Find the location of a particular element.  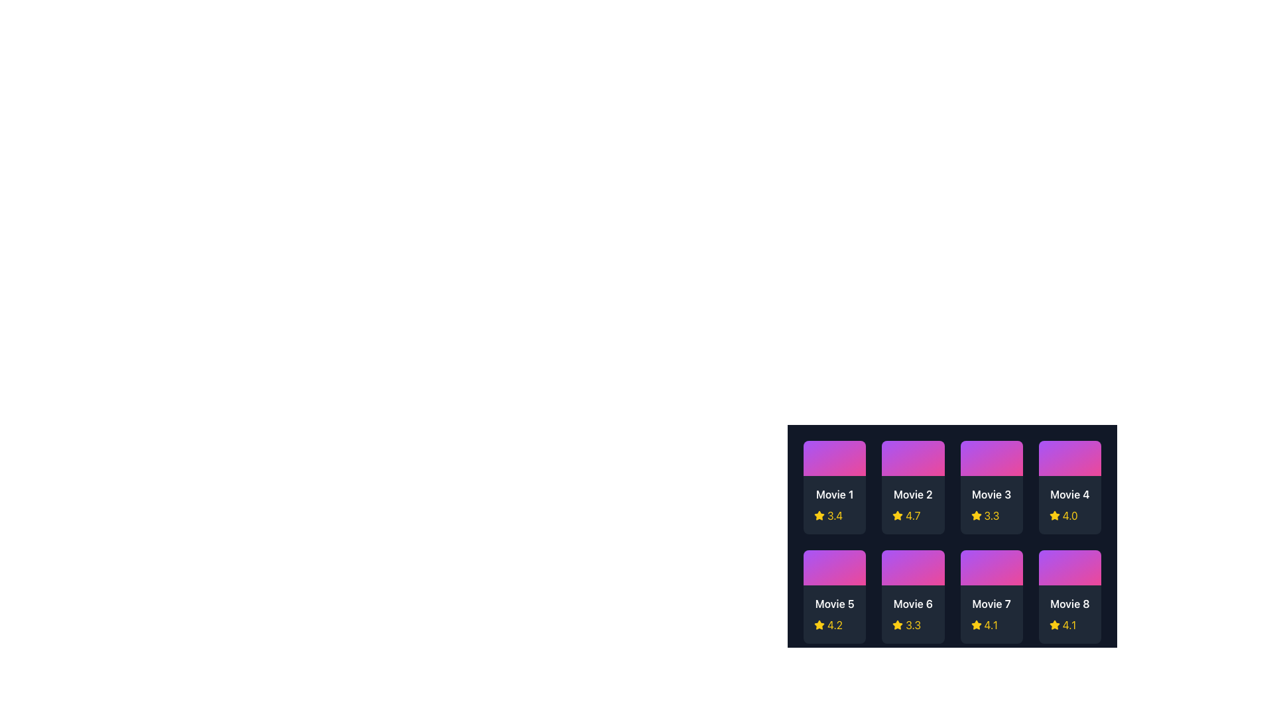

rating value displayed by the yellow star icon and the text '4.0' in the bottom-right corner of the 'Movie 4' card is located at coordinates (1069, 515).